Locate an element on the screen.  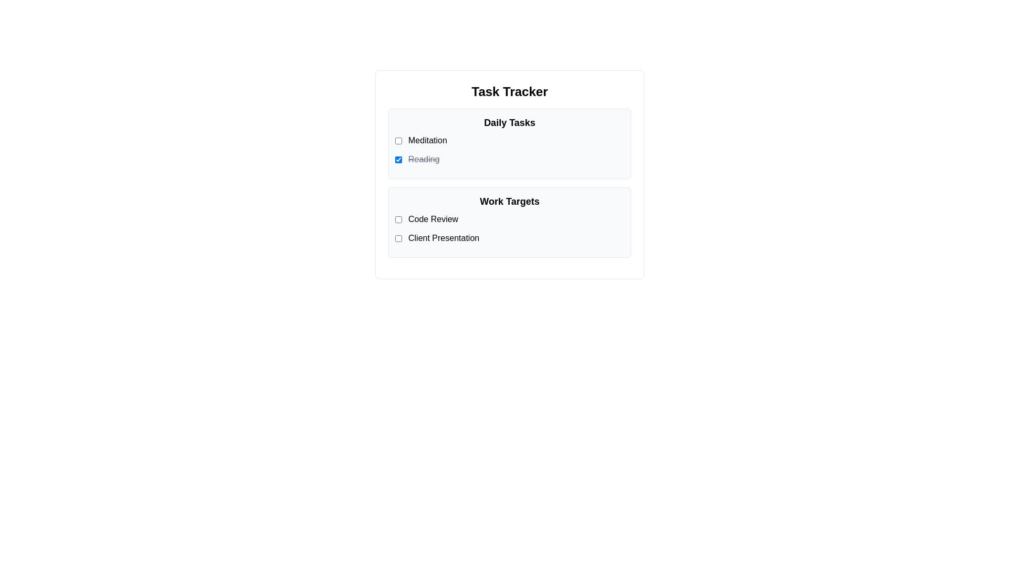
the 'Code Review' and 'Client Presentation' labels in the Checklist is located at coordinates (509, 228).